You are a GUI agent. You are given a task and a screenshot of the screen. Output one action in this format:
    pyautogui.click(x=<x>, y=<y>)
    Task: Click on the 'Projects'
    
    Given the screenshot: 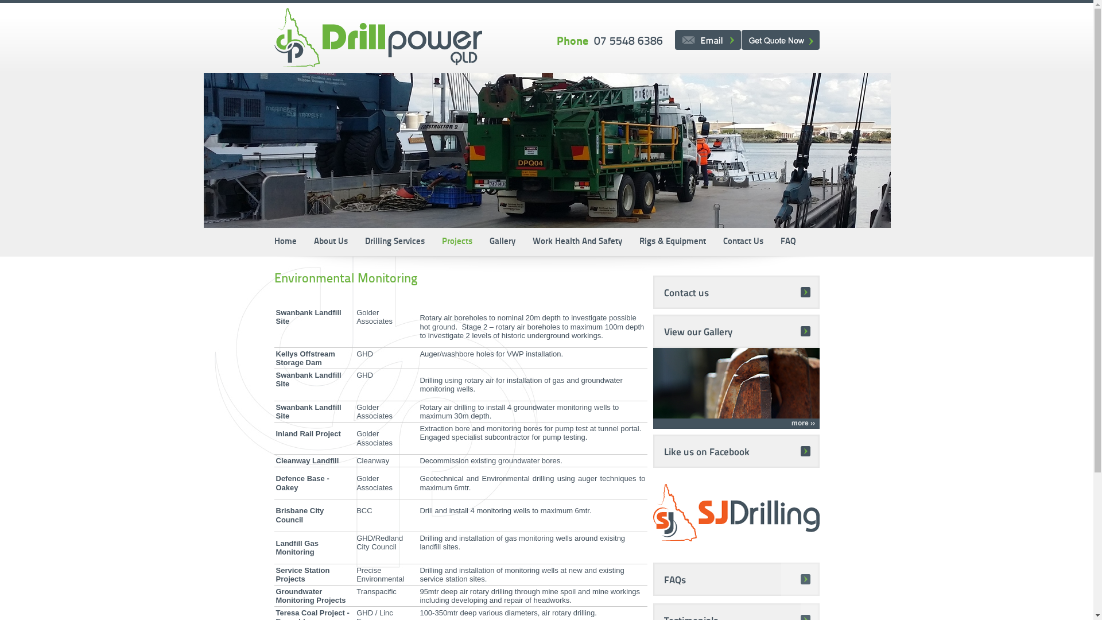 What is the action you would take?
    pyautogui.click(x=456, y=241)
    